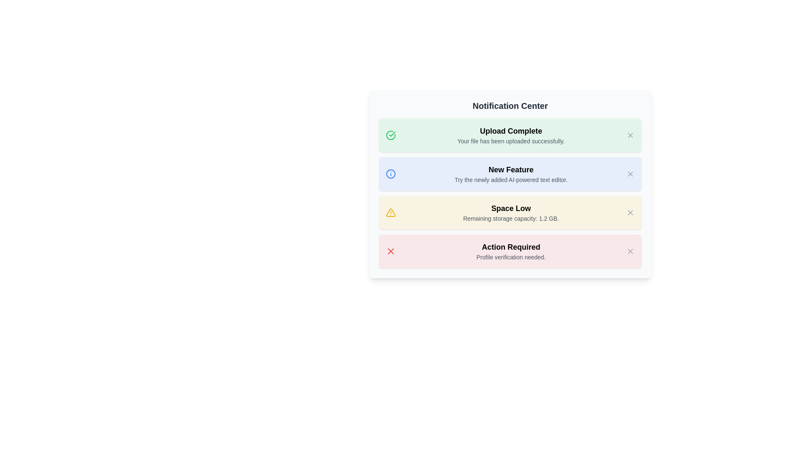  I want to click on the prominent yellow triangular warning icon beside the 'Space Low' notification, which indicates low storage space, so click(390, 212).